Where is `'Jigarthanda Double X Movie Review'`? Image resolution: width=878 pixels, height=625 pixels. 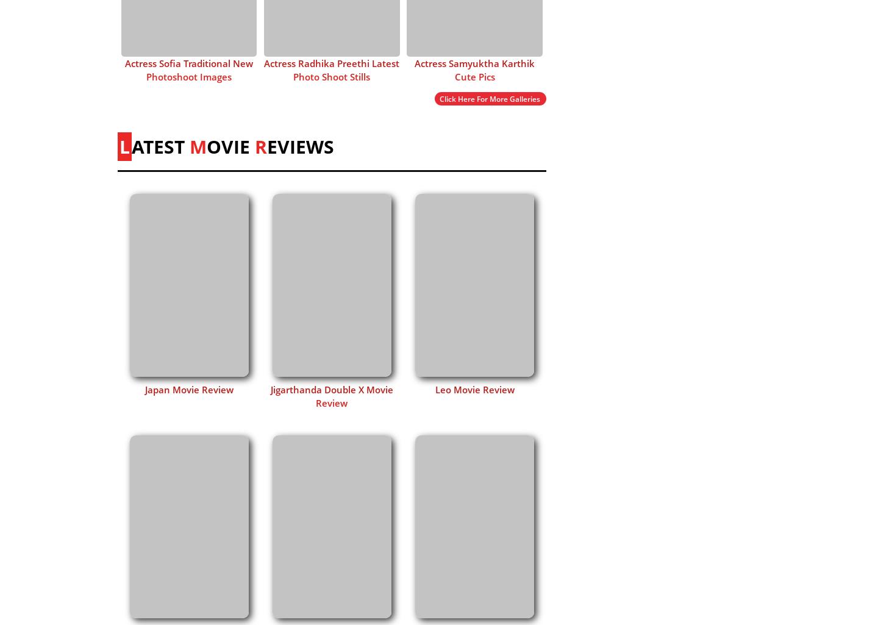 'Jigarthanda Double X Movie Review' is located at coordinates (269, 395).